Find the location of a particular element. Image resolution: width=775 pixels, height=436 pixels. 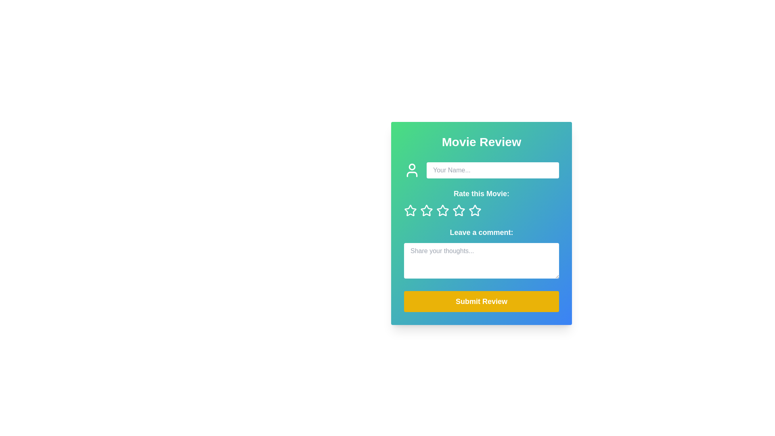

the third star is located at coordinates (459, 210).